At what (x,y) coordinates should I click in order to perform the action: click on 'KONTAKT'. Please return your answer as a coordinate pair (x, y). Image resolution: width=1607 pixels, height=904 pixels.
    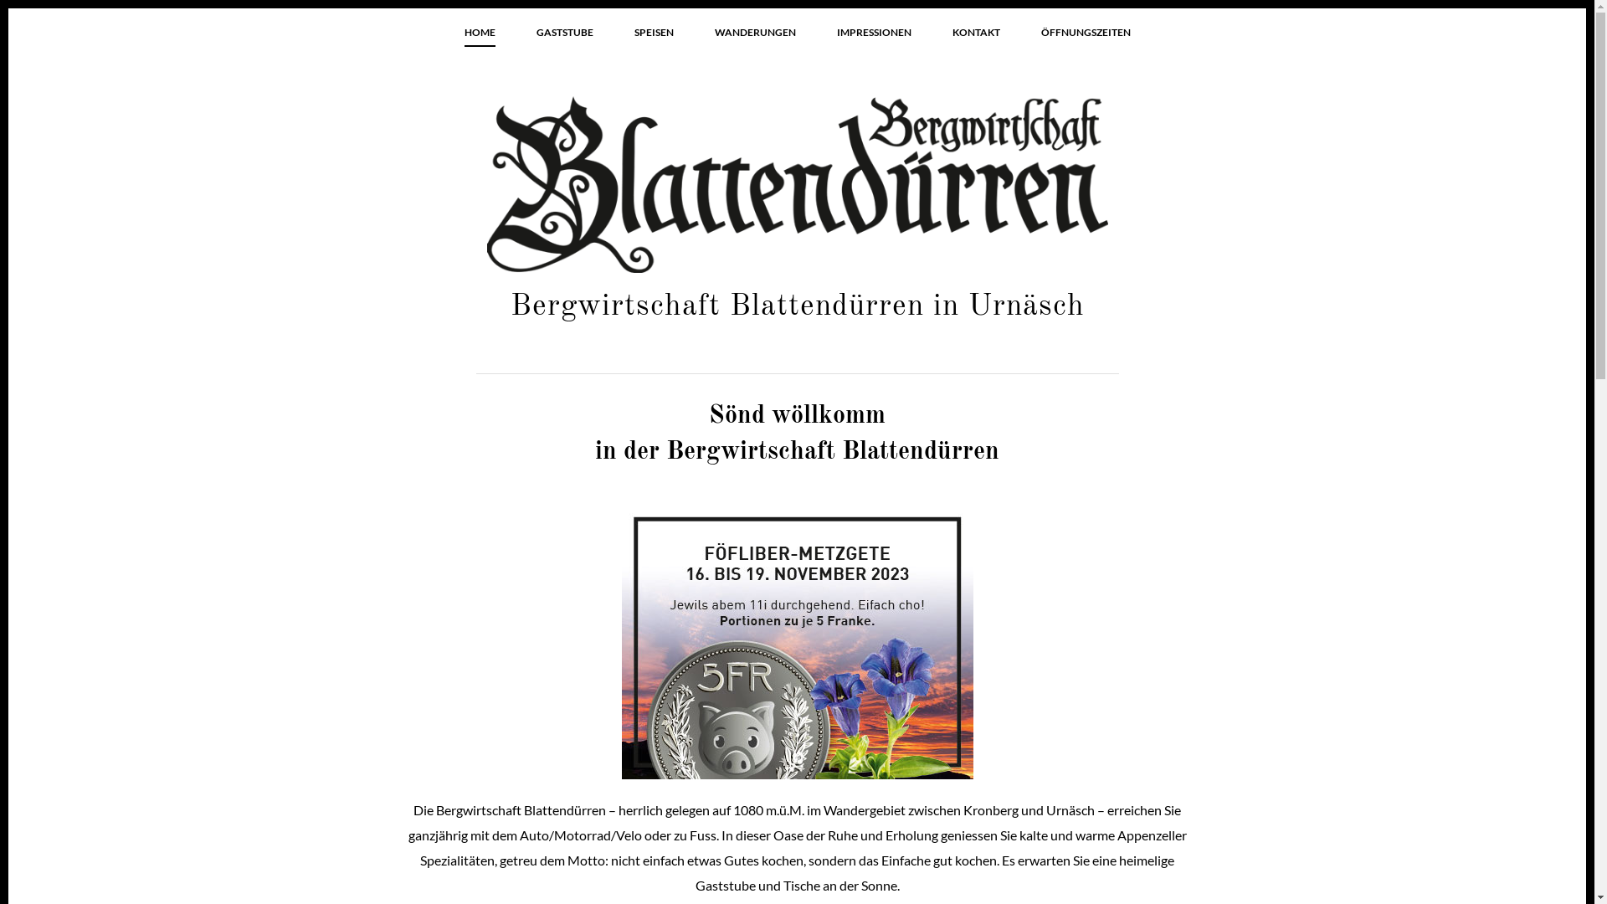
    Looking at the image, I should click on (975, 32).